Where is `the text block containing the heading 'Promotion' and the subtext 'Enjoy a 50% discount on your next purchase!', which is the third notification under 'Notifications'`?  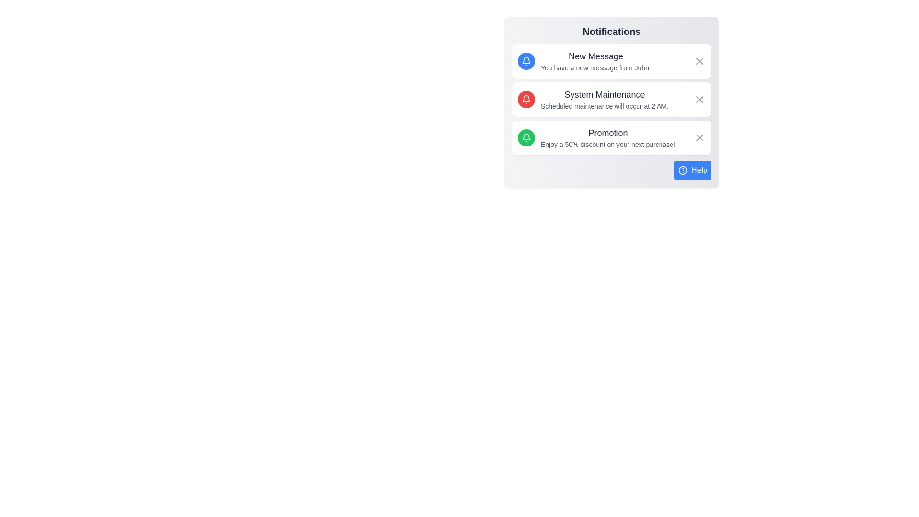
the text block containing the heading 'Promotion' and the subtext 'Enjoy a 50% discount on your next purchase!', which is the third notification under 'Notifications' is located at coordinates (607, 138).